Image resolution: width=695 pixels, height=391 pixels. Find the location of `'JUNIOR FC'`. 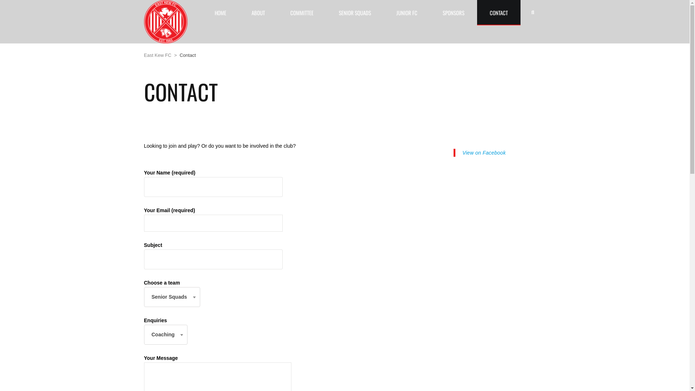

'JUNIOR FC' is located at coordinates (407, 12).